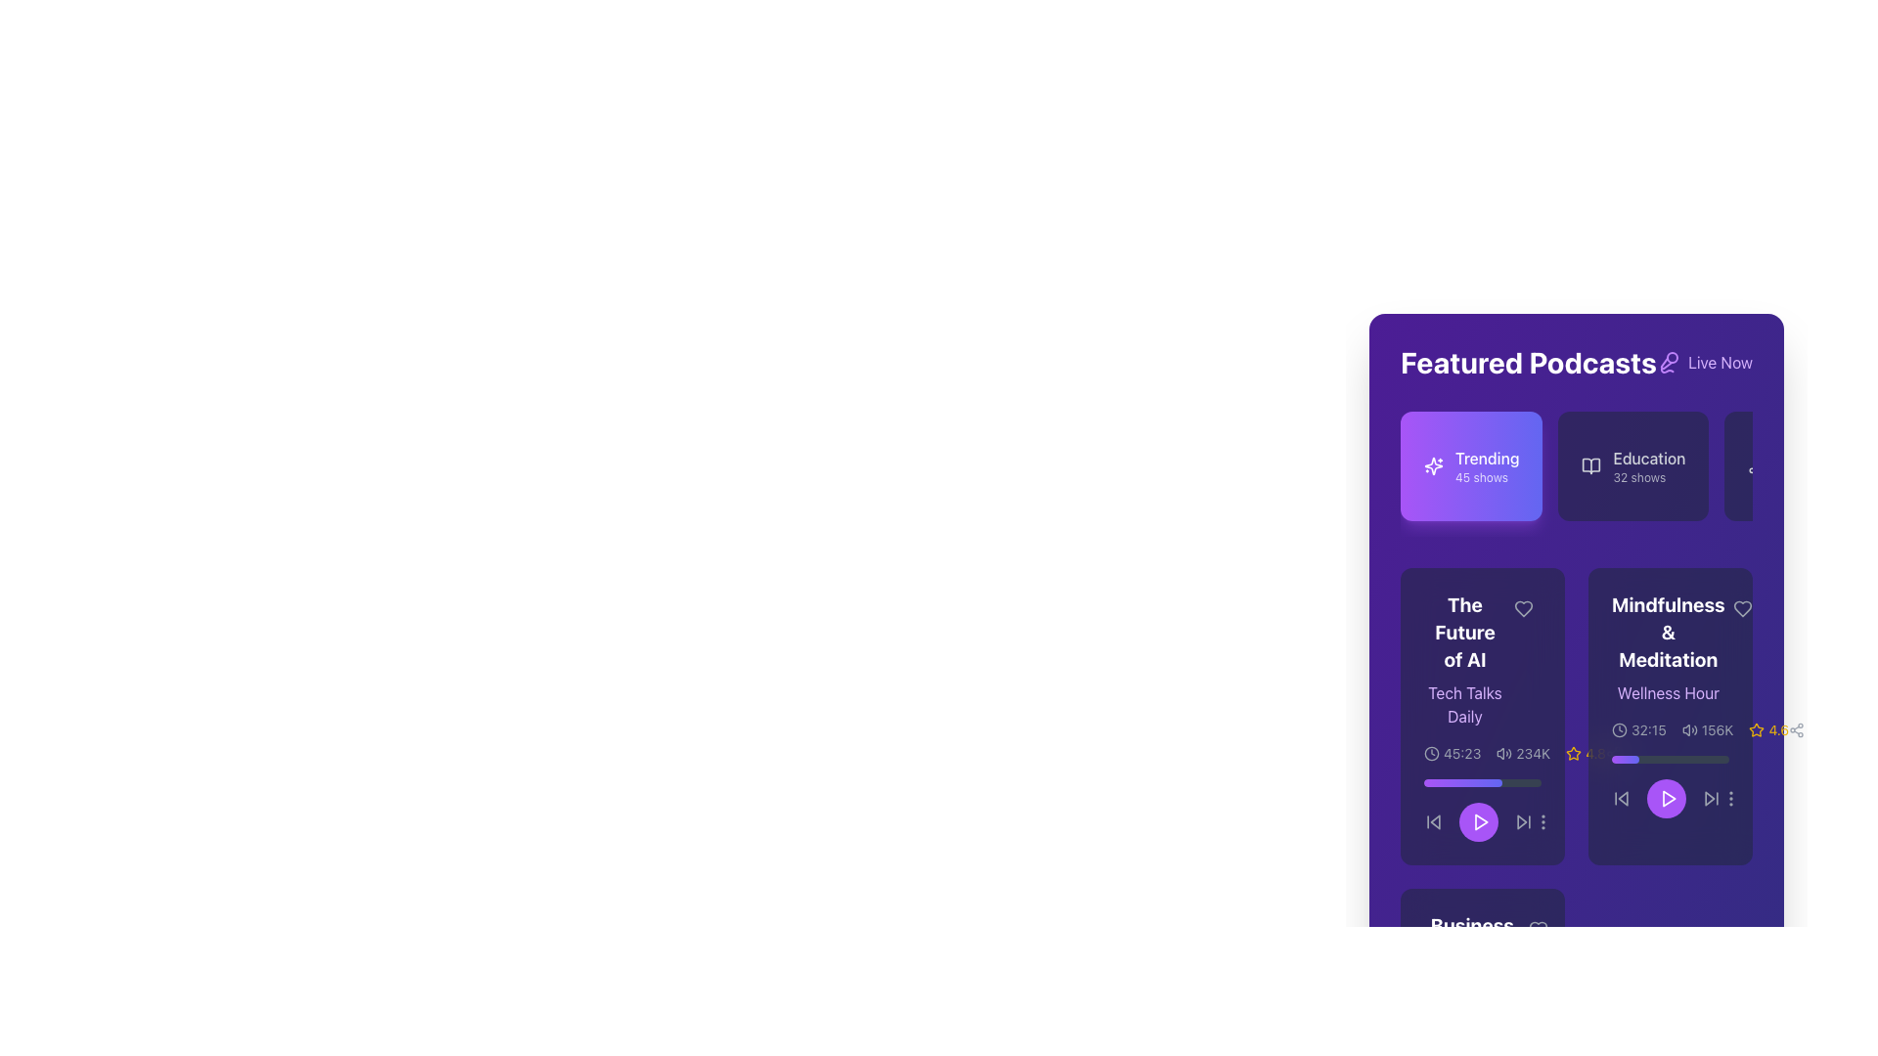 The image size is (1878, 1056). What do you see at coordinates (1577, 474) in the screenshot?
I see `the 'Education' category button styled as a card in the 'Trending' section of the 'Featured Podcasts' panel for a visual response` at bounding box center [1577, 474].